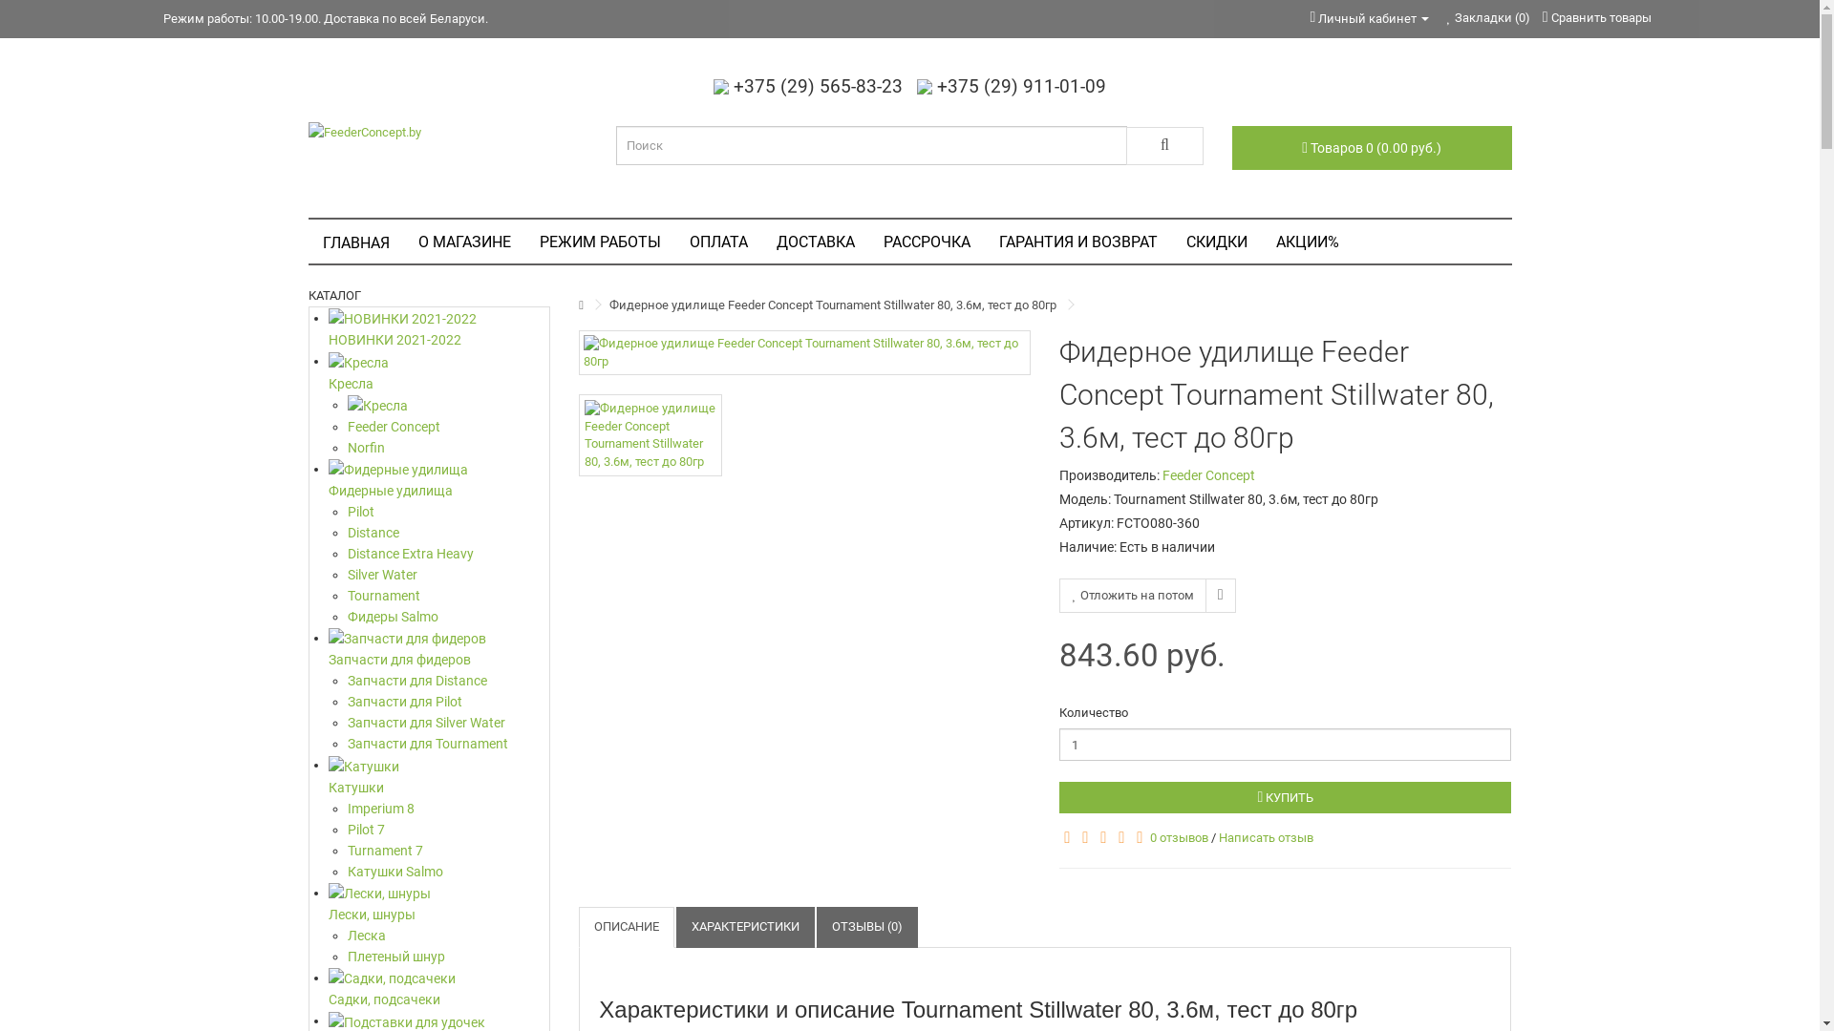 Image resolution: width=1834 pixels, height=1031 pixels. I want to click on 'Silver Water', so click(348, 573).